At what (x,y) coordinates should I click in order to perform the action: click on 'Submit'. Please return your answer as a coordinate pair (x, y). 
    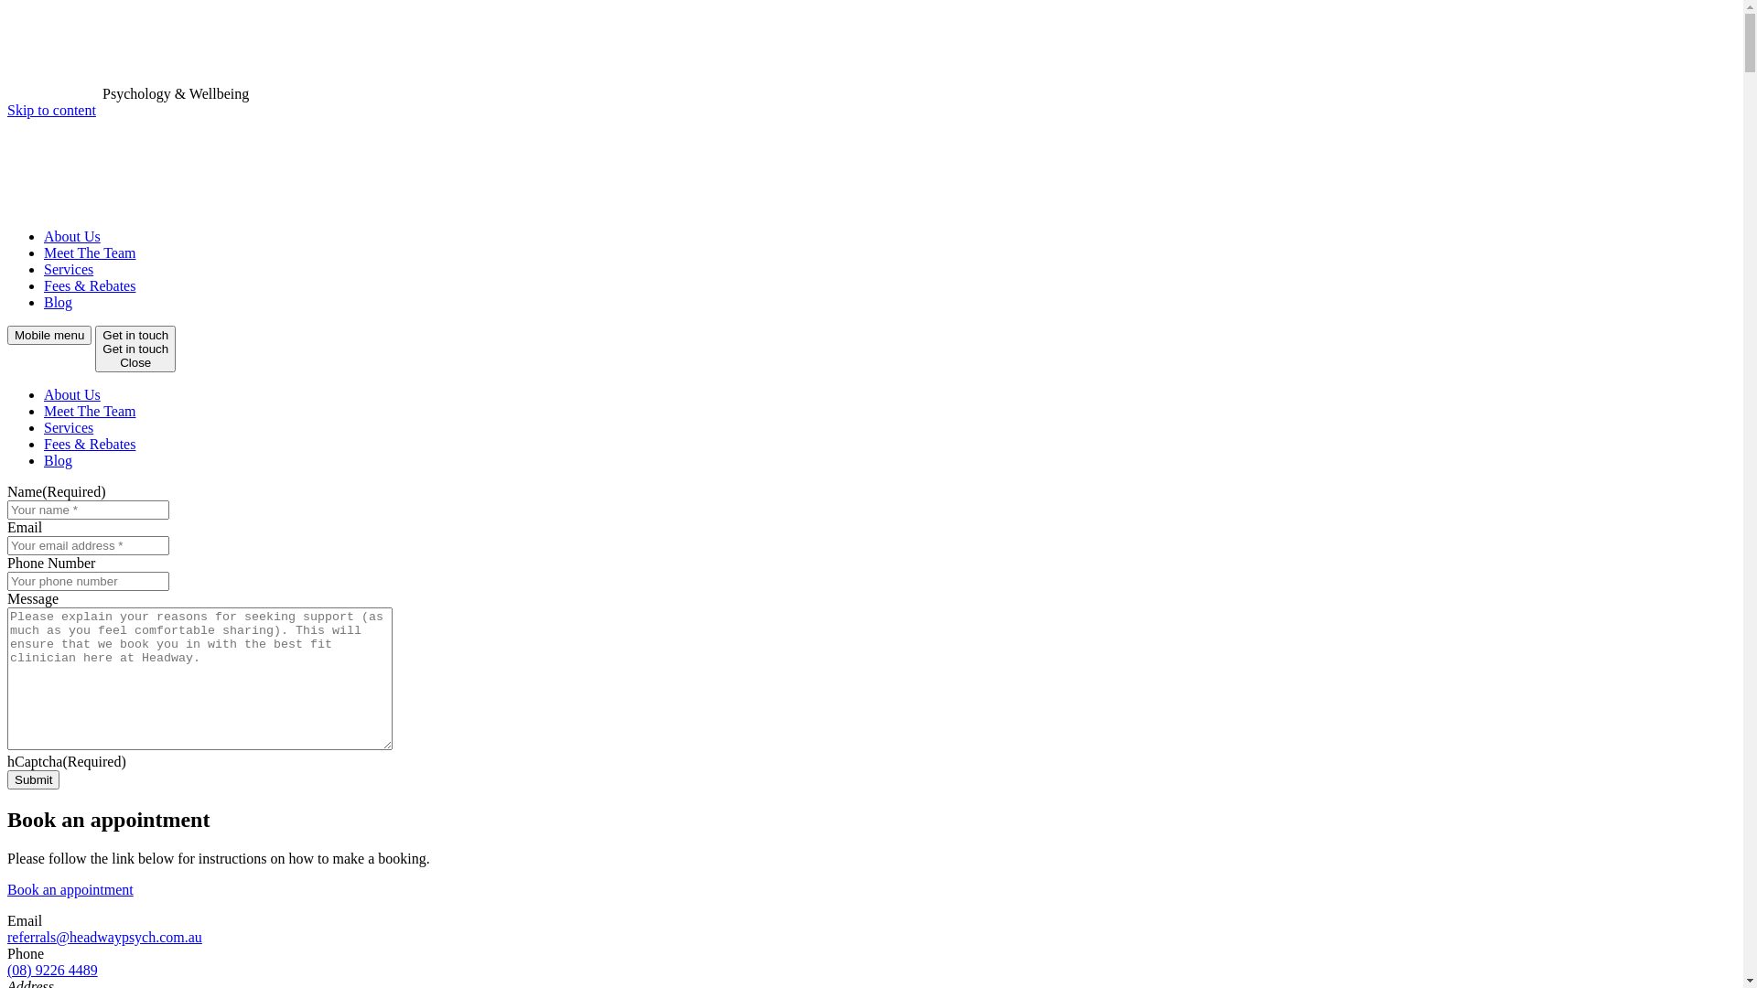
    Looking at the image, I should click on (33, 779).